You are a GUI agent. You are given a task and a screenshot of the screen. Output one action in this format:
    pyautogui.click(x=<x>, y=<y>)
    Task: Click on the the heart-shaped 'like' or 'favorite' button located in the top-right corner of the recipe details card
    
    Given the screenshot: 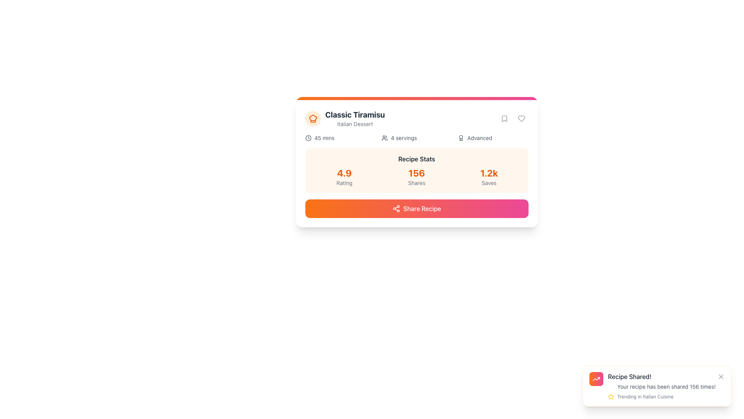 What is the action you would take?
    pyautogui.click(x=521, y=118)
    